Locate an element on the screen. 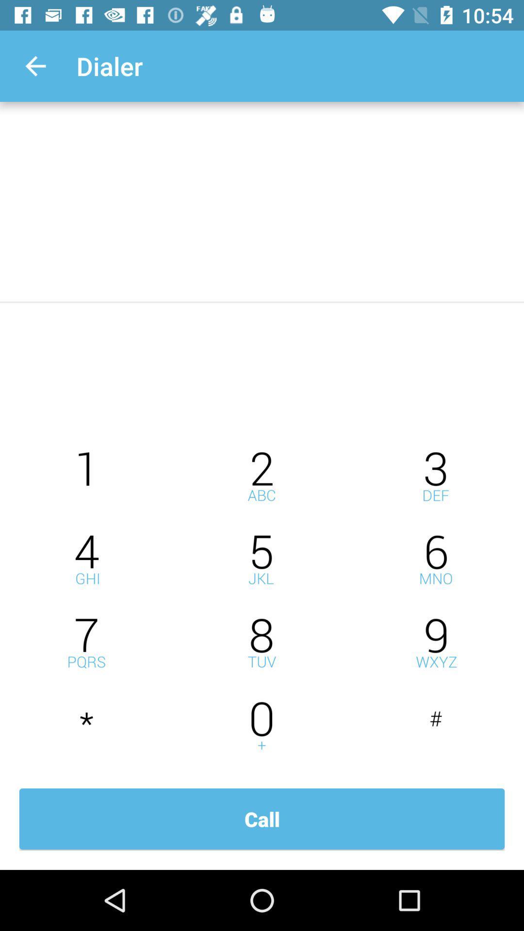  the help icon is located at coordinates (262, 476).